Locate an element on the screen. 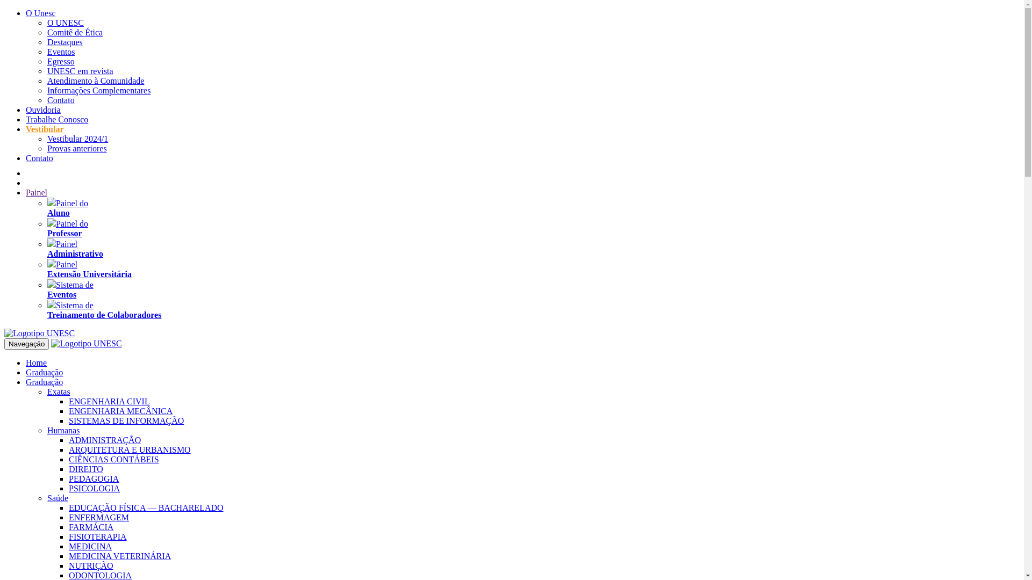 The image size is (1032, 580). 'Painel do is located at coordinates (46, 228).